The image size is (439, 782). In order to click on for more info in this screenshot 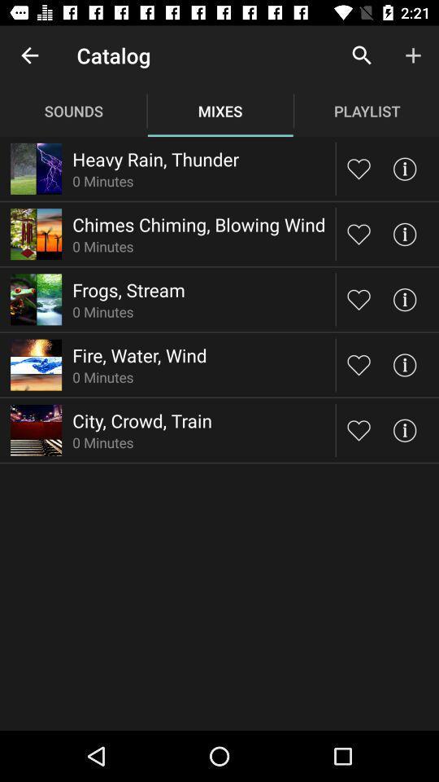, I will do `click(403, 298)`.